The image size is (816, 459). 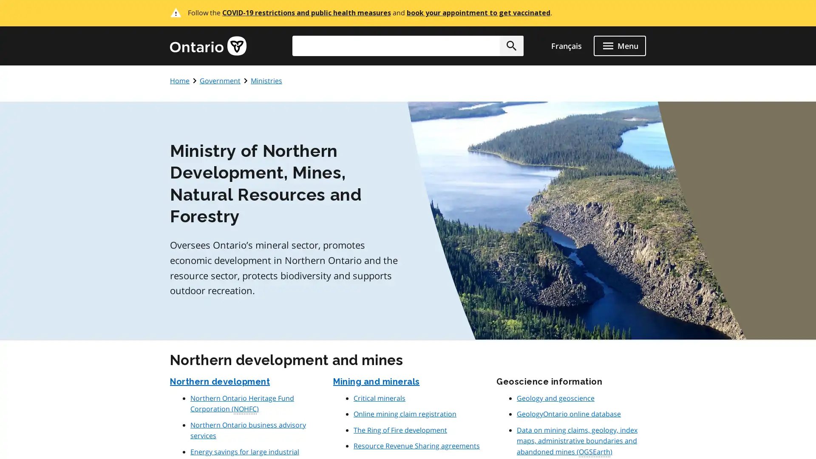 What do you see at coordinates (620, 45) in the screenshot?
I see `open menu` at bounding box center [620, 45].